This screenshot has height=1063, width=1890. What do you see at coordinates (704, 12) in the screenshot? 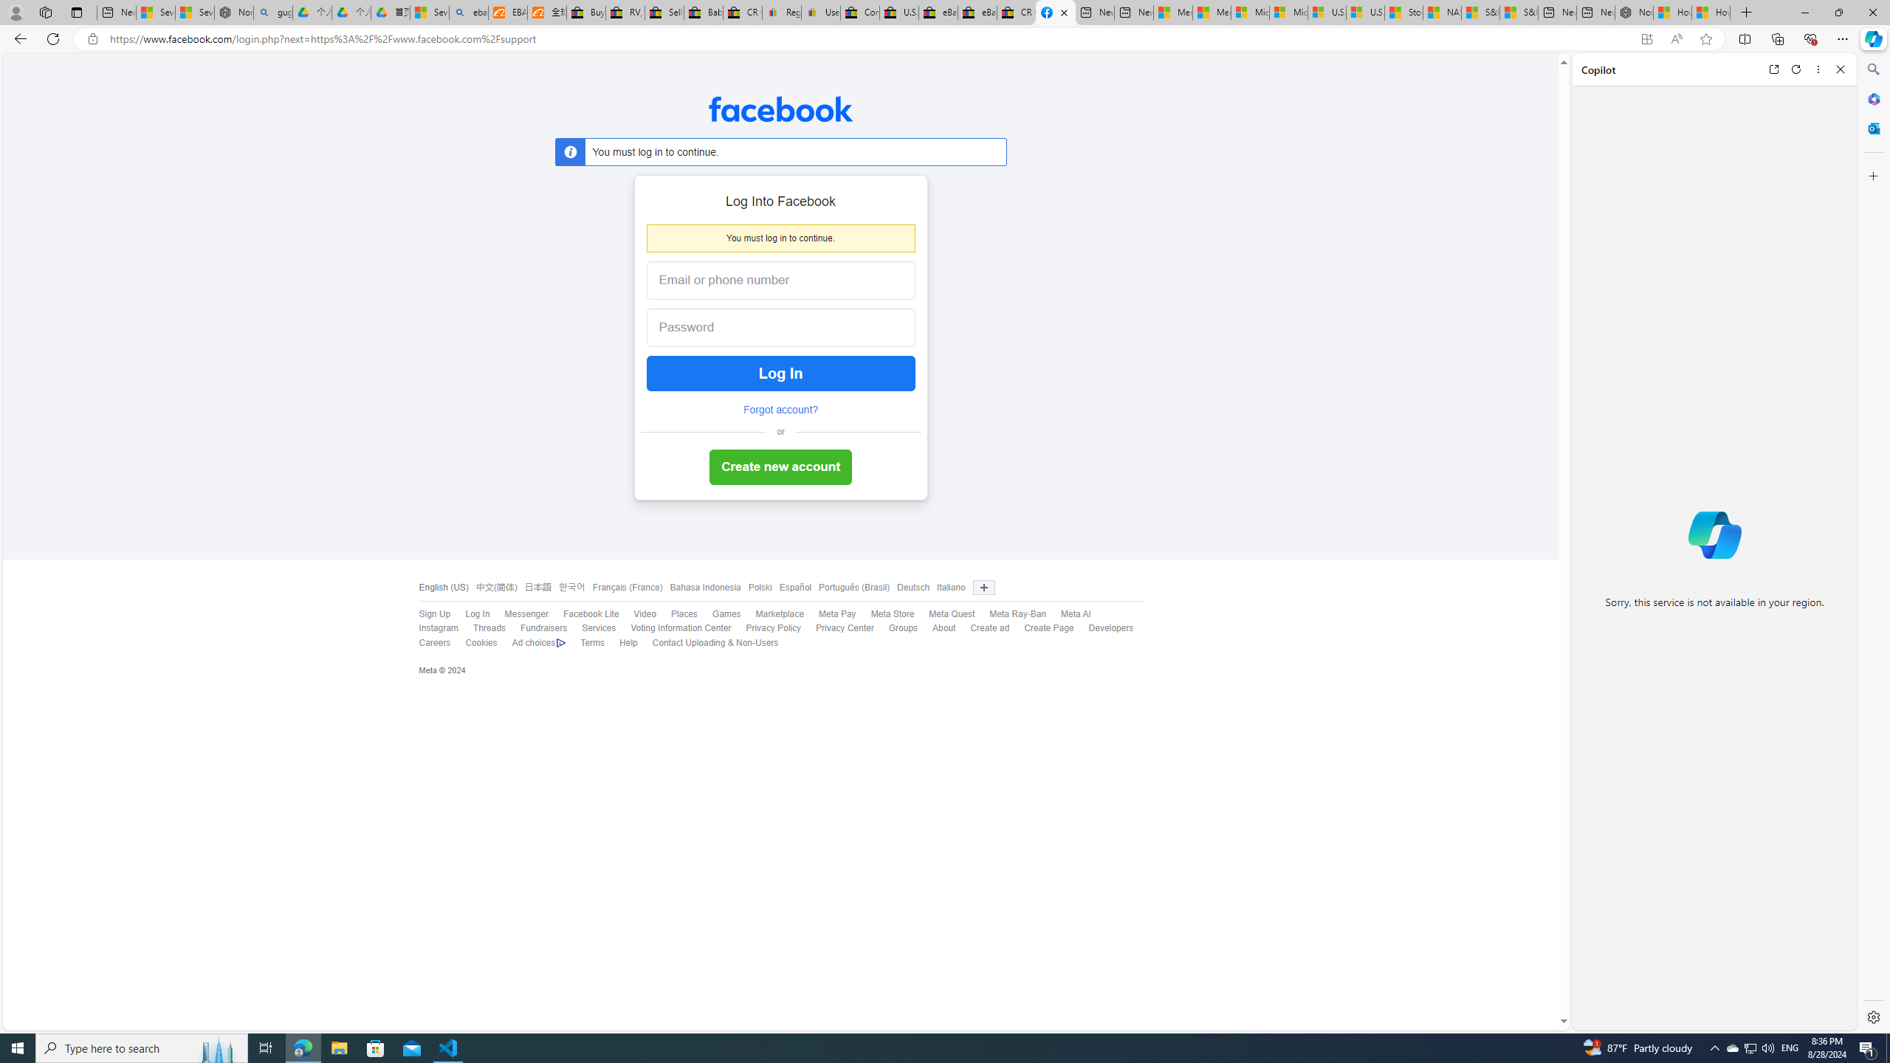
I see `'Baby Keepsakes & Announcements for sale | eBay'` at bounding box center [704, 12].